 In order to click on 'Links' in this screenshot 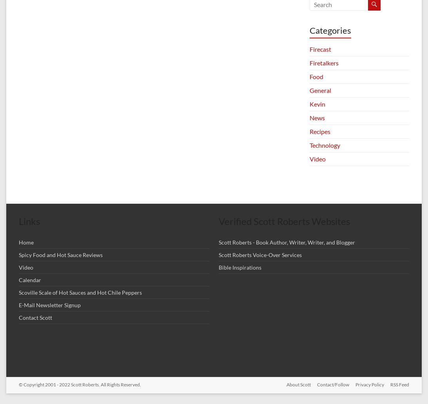, I will do `click(29, 221)`.